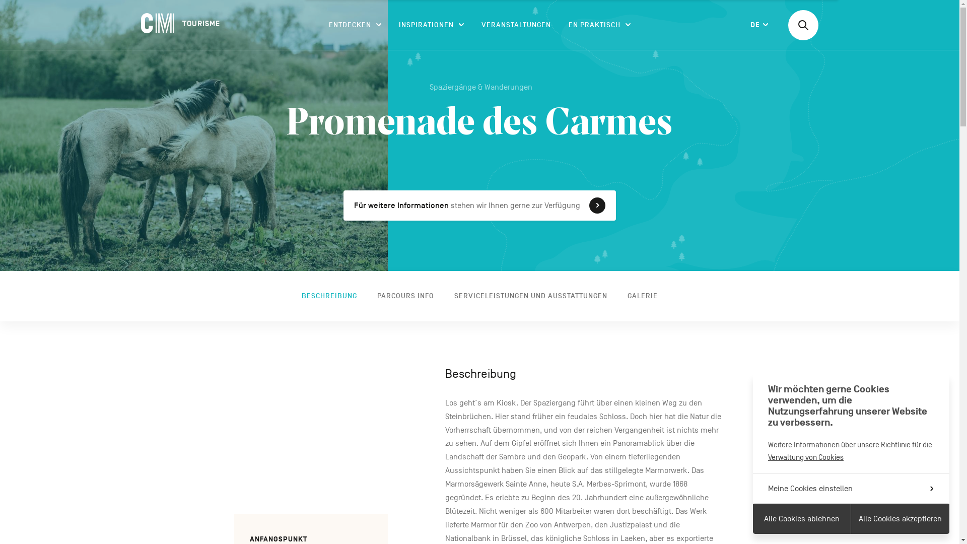 The width and height of the screenshot is (967, 544). What do you see at coordinates (900, 518) in the screenshot?
I see `'Alle Cookies akzeptieren'` at bounding box center [900, 518].